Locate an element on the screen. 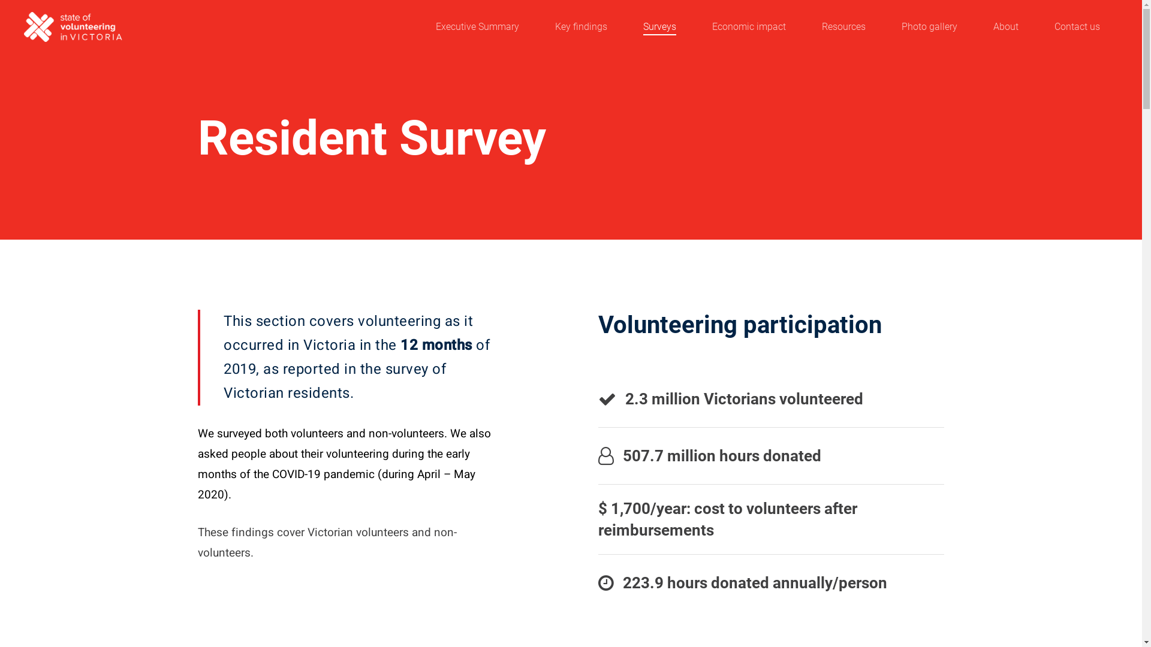  'Economic impact' is located at coordinates (748, 27).